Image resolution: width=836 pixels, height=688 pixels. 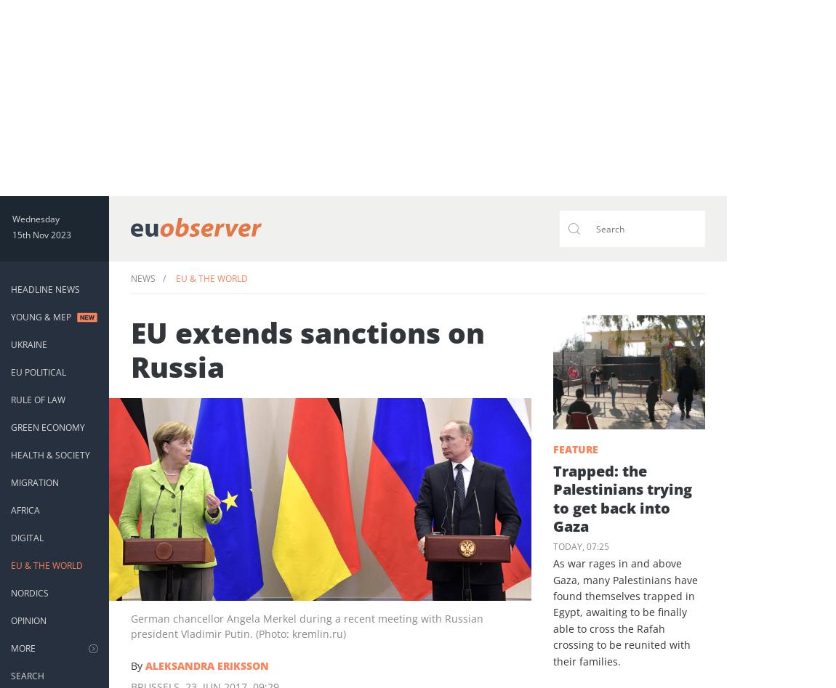 What do you see at coordinates (579, 546) in the screenshot?
I see `'Today, 07:25'` at bounding box center [579, 546].